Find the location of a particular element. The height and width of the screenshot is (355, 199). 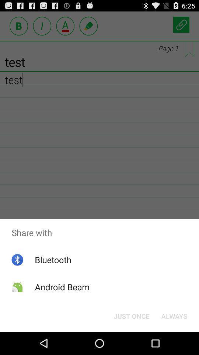

the button at the bottom right corner is located at coordinates (174, 315).